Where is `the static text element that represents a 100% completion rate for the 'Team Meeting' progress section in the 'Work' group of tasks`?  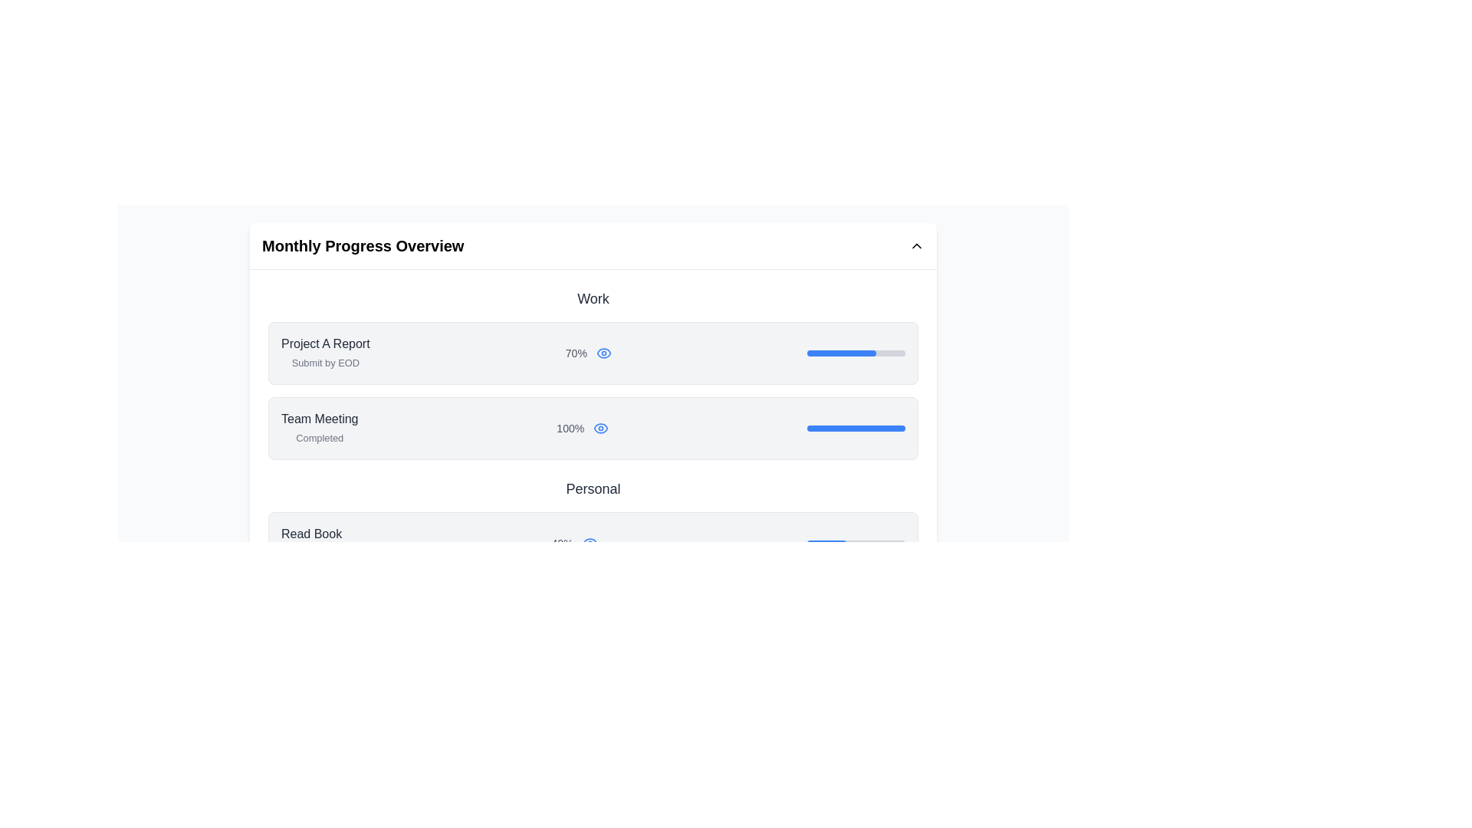
the static text element that represents a 100% completion rate for the 'Team Meeting' progress section in the 'Work' group of tasks is located at coordinates (570, 429).